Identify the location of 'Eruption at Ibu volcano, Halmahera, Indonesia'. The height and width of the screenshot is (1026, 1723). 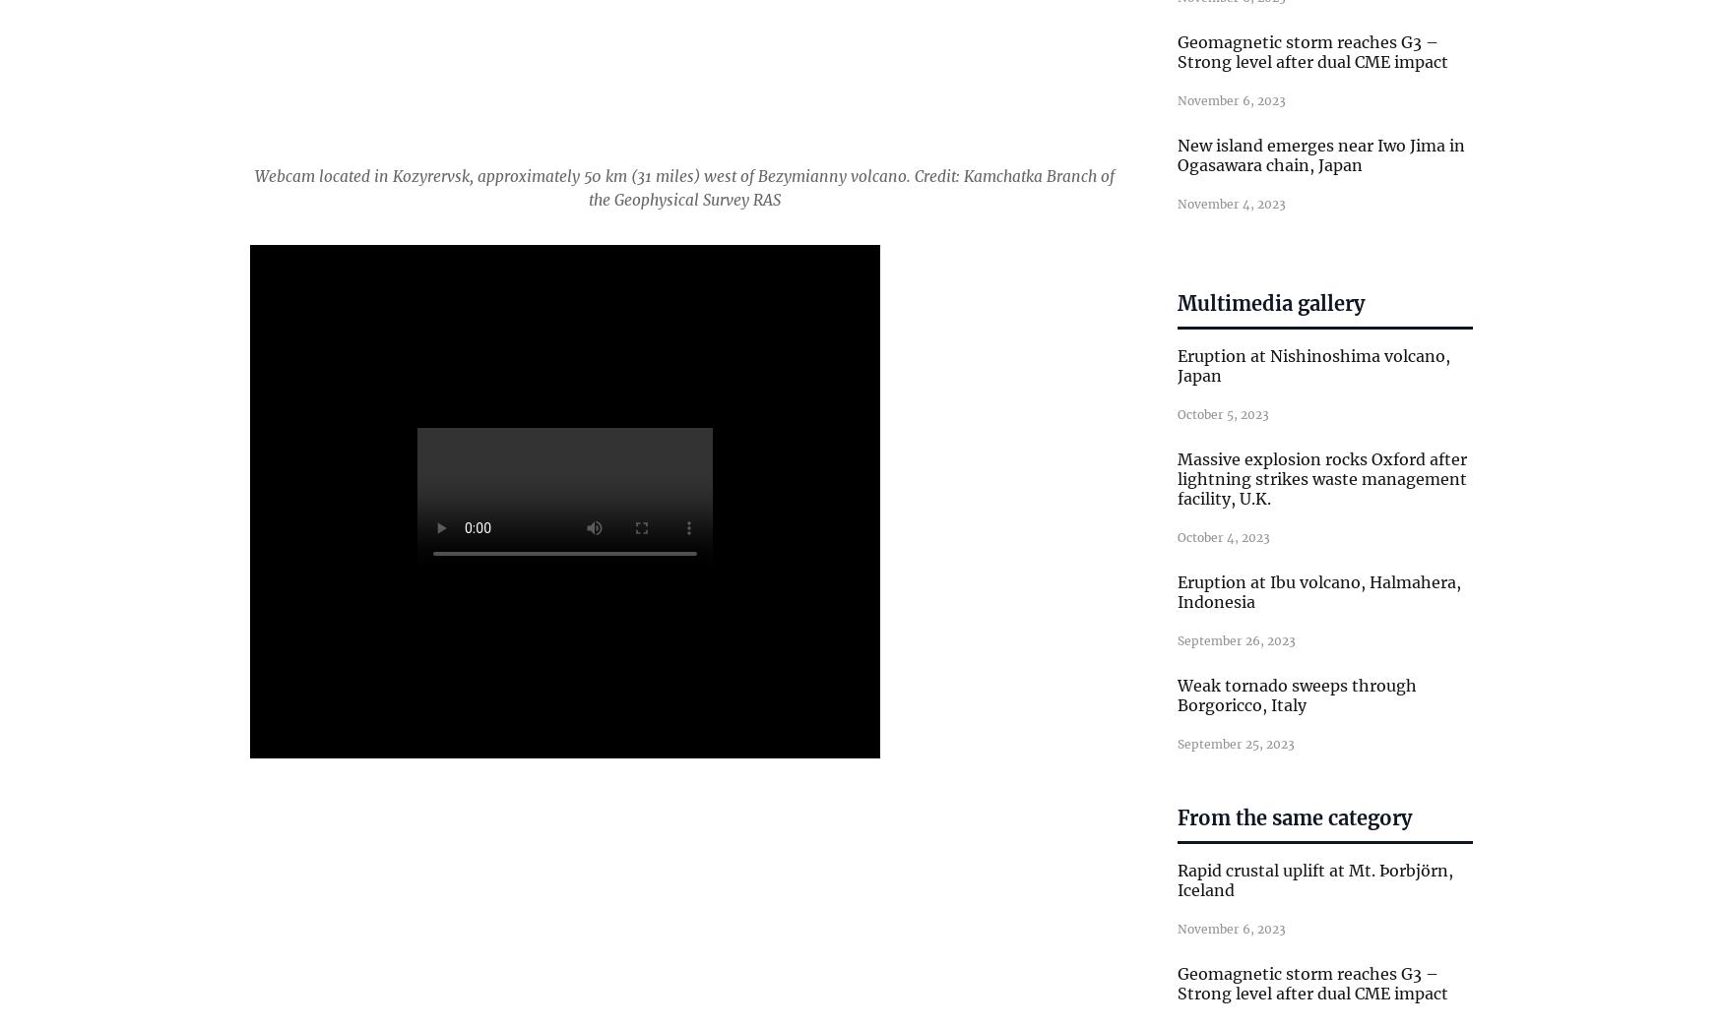
(1318, 589).